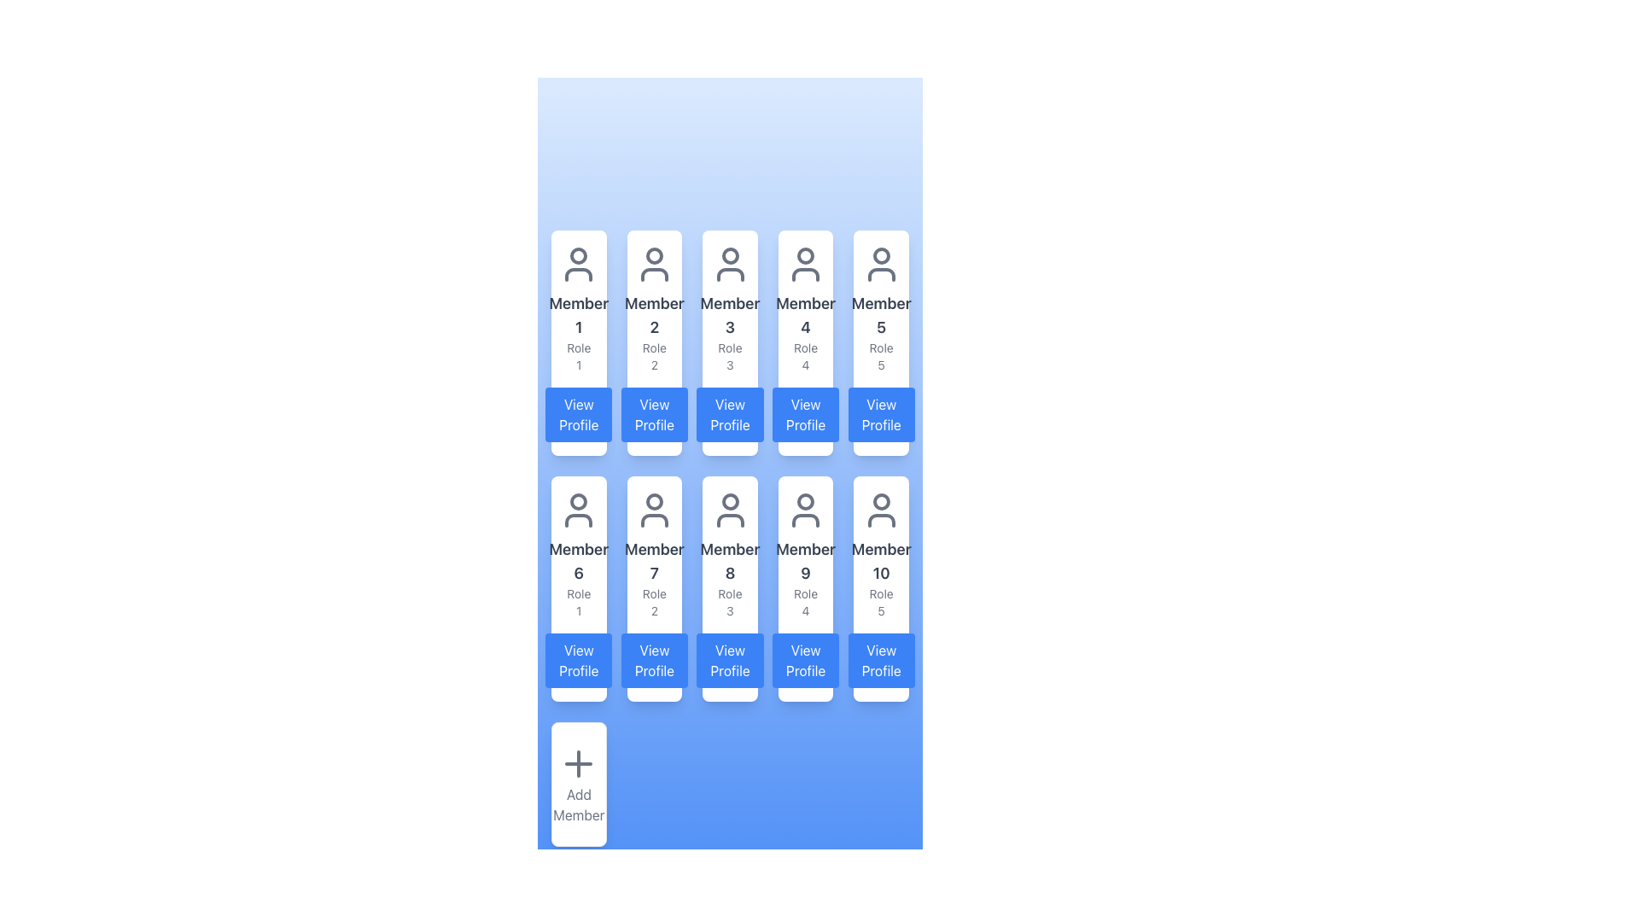 This screenshot has width=1639, height=922. Describe the element at coordinates (653, 264) in the screenshot. I see `the user profile icon, which is a gray circular head and semi-circular body, located at the top of the card labeled 'Member 2 Role 2' in the second column of the grid layout` at that location.